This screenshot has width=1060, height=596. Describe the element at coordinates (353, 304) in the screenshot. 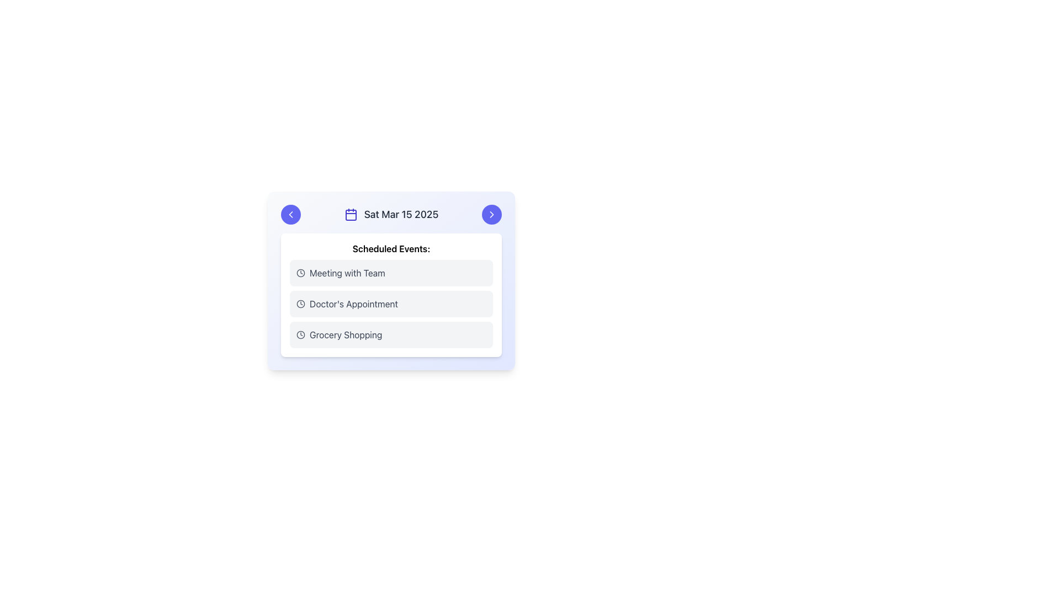

I see `the text label representing an individual scheduled appointment located in the middle of the list under 'Scheduled Events'` at that location.